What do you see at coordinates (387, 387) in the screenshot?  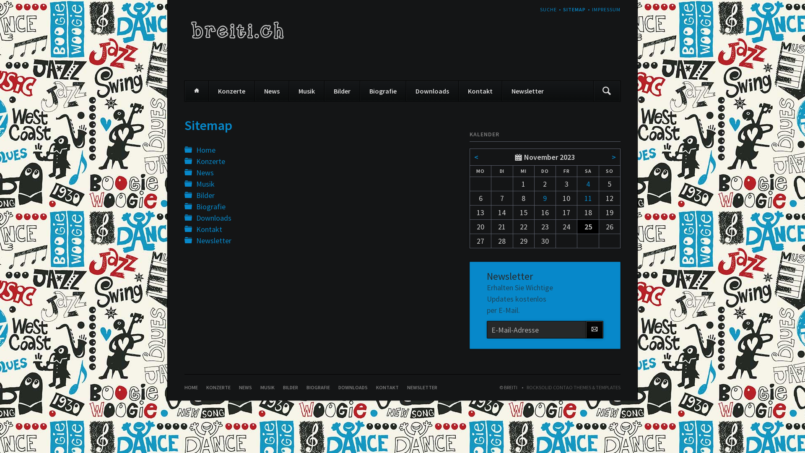 I see `'KONTAKT'` at bounding box center [387, 387].